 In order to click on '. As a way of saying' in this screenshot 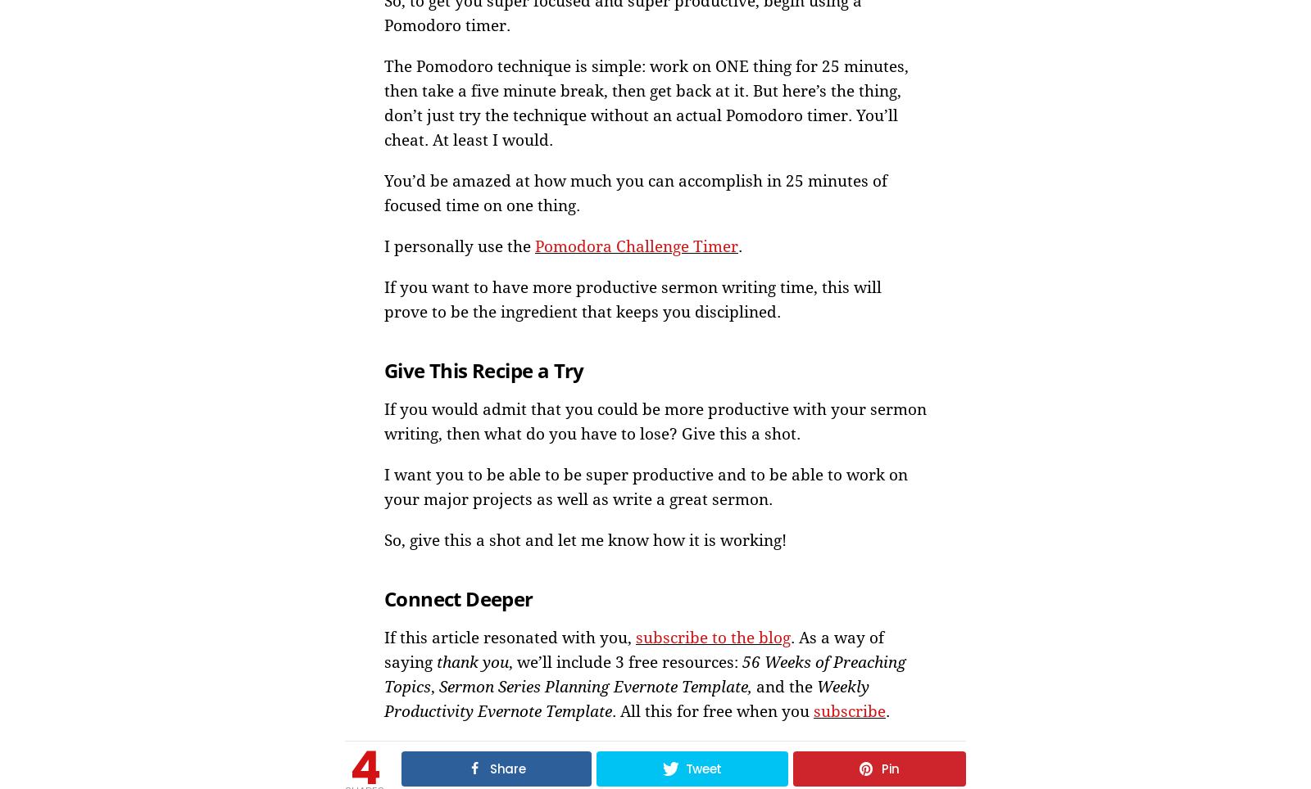, I will do `click(634, 649)`.